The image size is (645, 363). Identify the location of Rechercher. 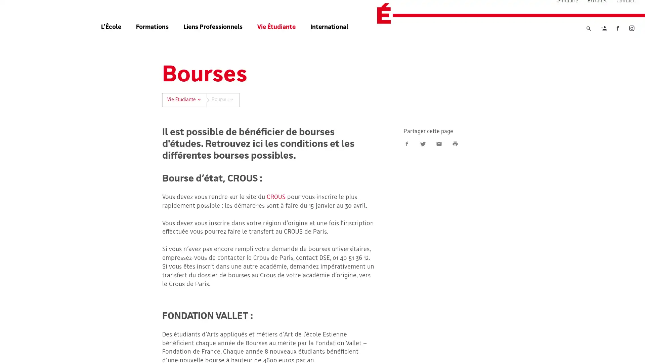
(588, 41).